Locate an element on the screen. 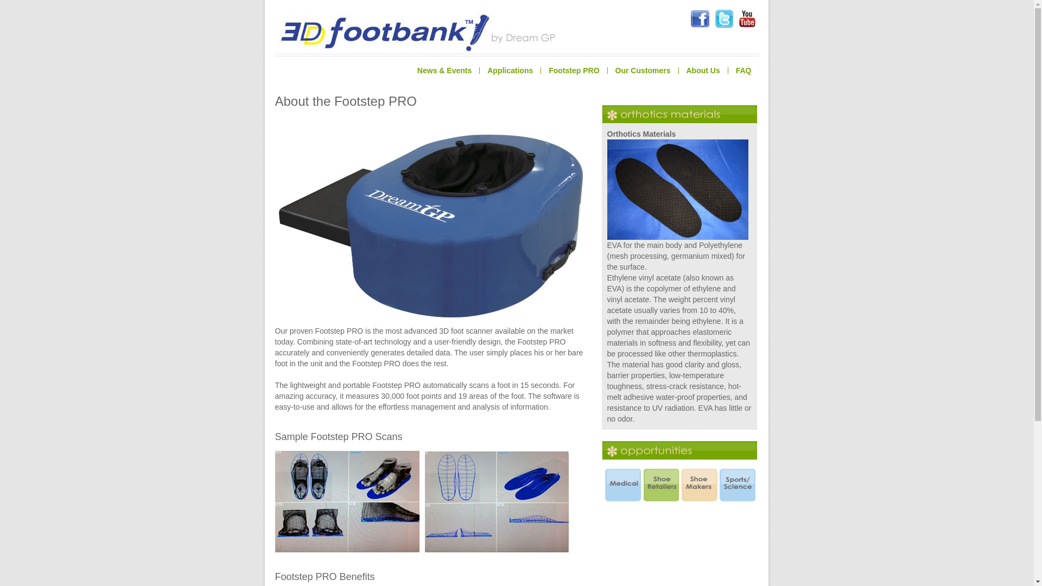 The image size is (1042, 586). 'Footstep PRO' is located at coordinates (573, 71).